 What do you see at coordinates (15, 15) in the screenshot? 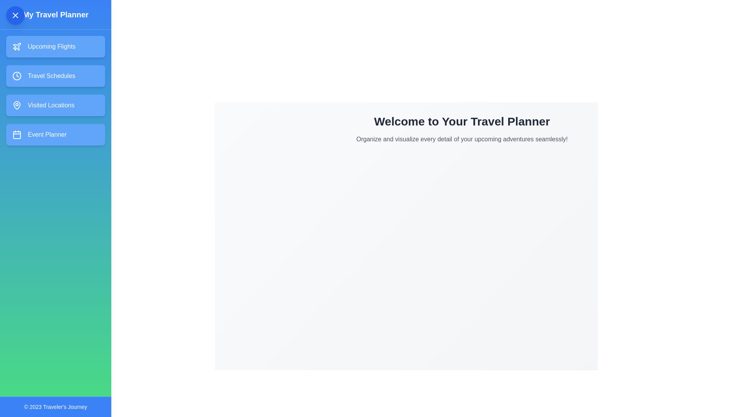
I see `the close button located in the top-left corner of the application interface` at bounding box center [15, 15].